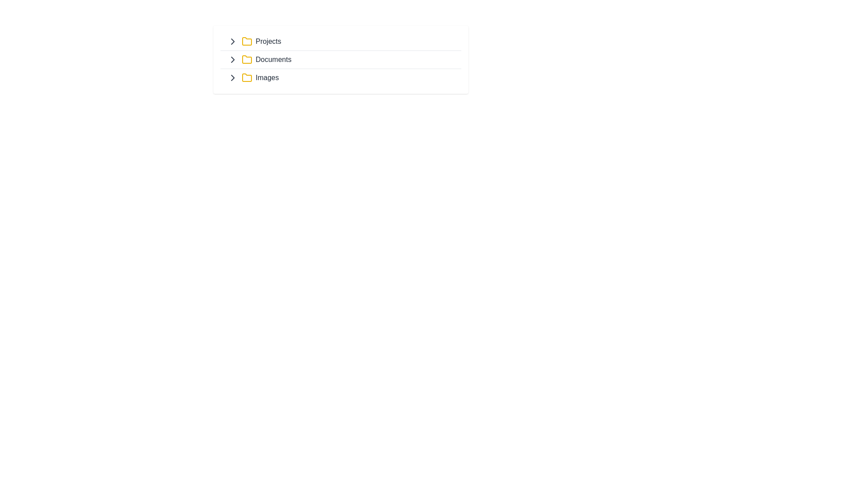 The width and height of the screenshot is (850, 478). Describe the element at coordinates (340, 60) in the screenshot. I see `the selectable folder labeled 'Documents' in the vertical list` at that location.